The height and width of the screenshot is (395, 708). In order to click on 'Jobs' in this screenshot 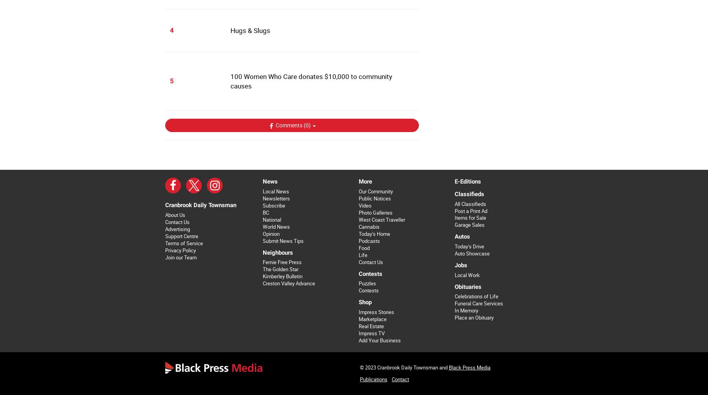, I will do `click(460, 265)`.